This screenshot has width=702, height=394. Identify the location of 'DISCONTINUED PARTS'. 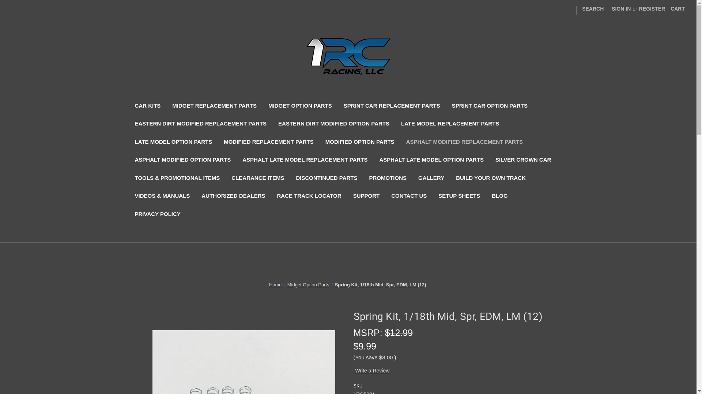
(326, 179).